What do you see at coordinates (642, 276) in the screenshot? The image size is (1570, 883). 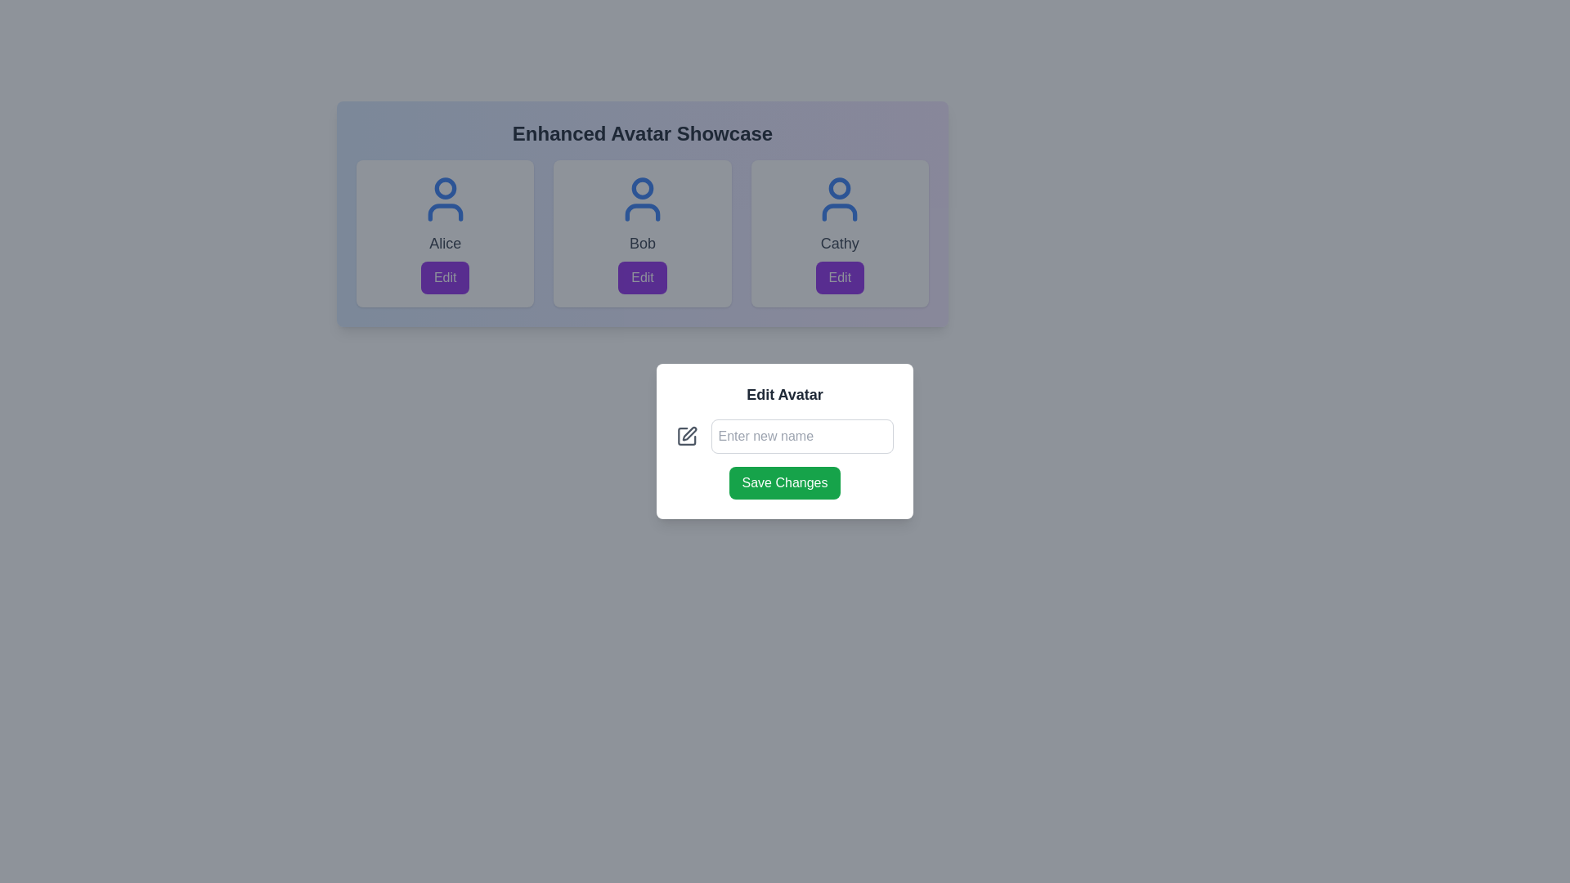 I see `the purple button labeled 'Edit' located at the bottom of Bob's card` at bounding box center [642, 276].